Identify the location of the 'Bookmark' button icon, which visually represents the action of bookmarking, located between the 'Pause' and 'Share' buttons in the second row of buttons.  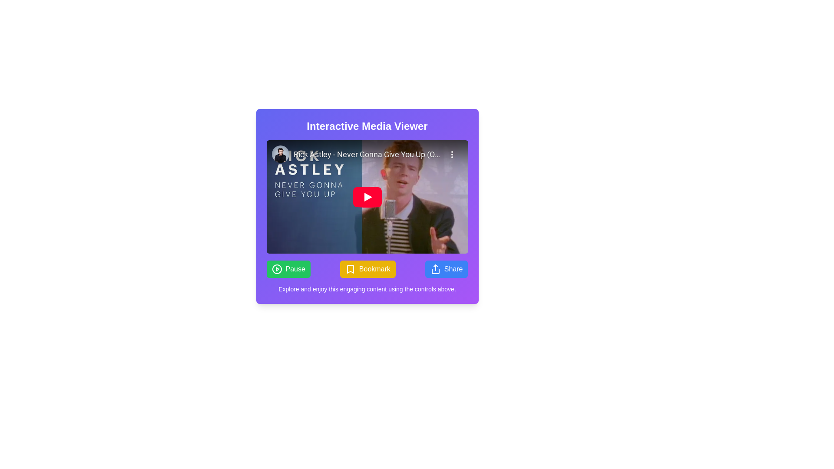
(350, 269).